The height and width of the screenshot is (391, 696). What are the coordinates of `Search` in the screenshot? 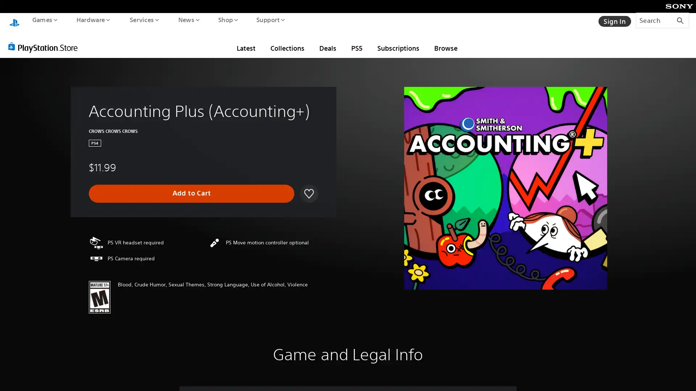 It's located at (662, 20).